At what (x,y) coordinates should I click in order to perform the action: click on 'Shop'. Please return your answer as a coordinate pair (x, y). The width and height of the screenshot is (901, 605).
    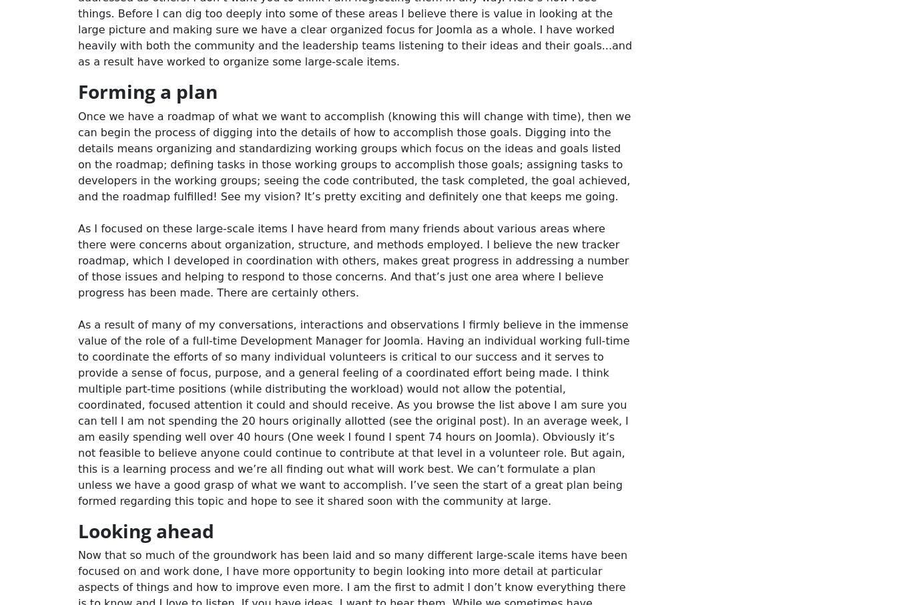
    Looking at the image, I should click on (663, 36).